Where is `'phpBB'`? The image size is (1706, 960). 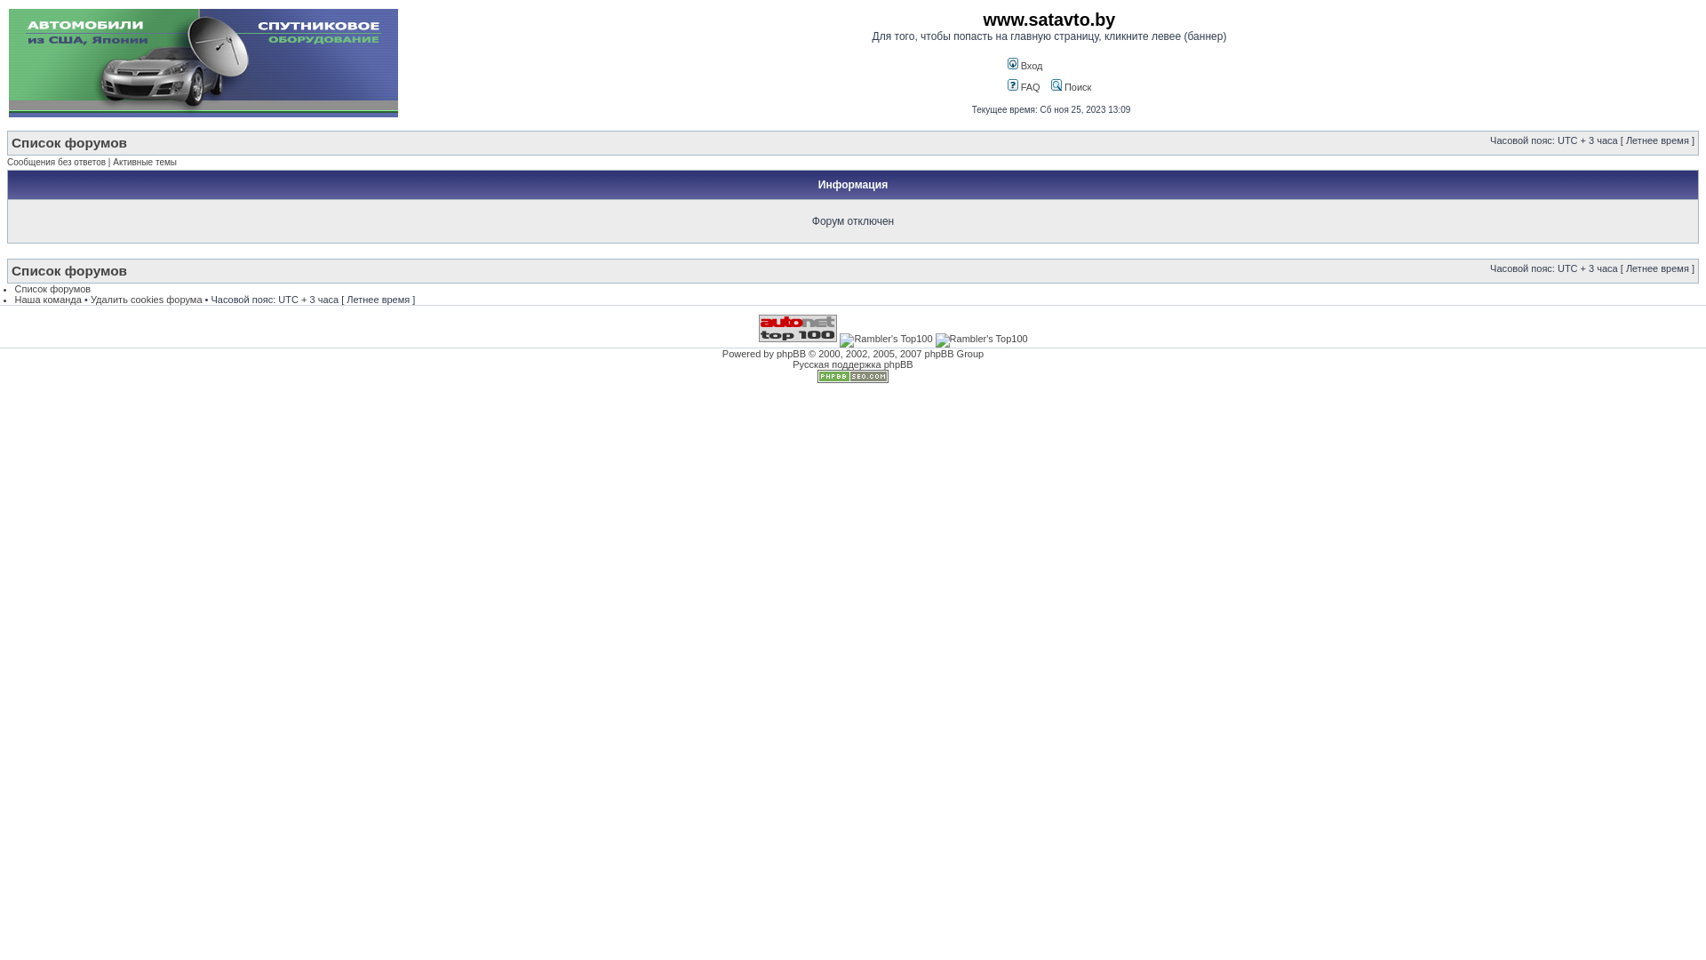
'phpBB' is located at coordinates (790, 353).